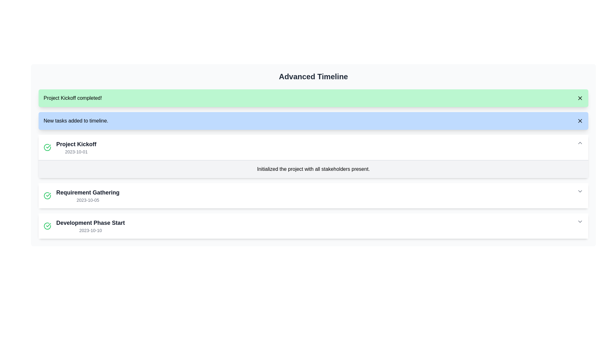 This screenshot has width=607, height=341. I want to click on the text label that reads 'Project Kickoff completed!' displayed in bold black font on a green rectangular background, located at the top-left corner of the green notification card, so click(73, 98).